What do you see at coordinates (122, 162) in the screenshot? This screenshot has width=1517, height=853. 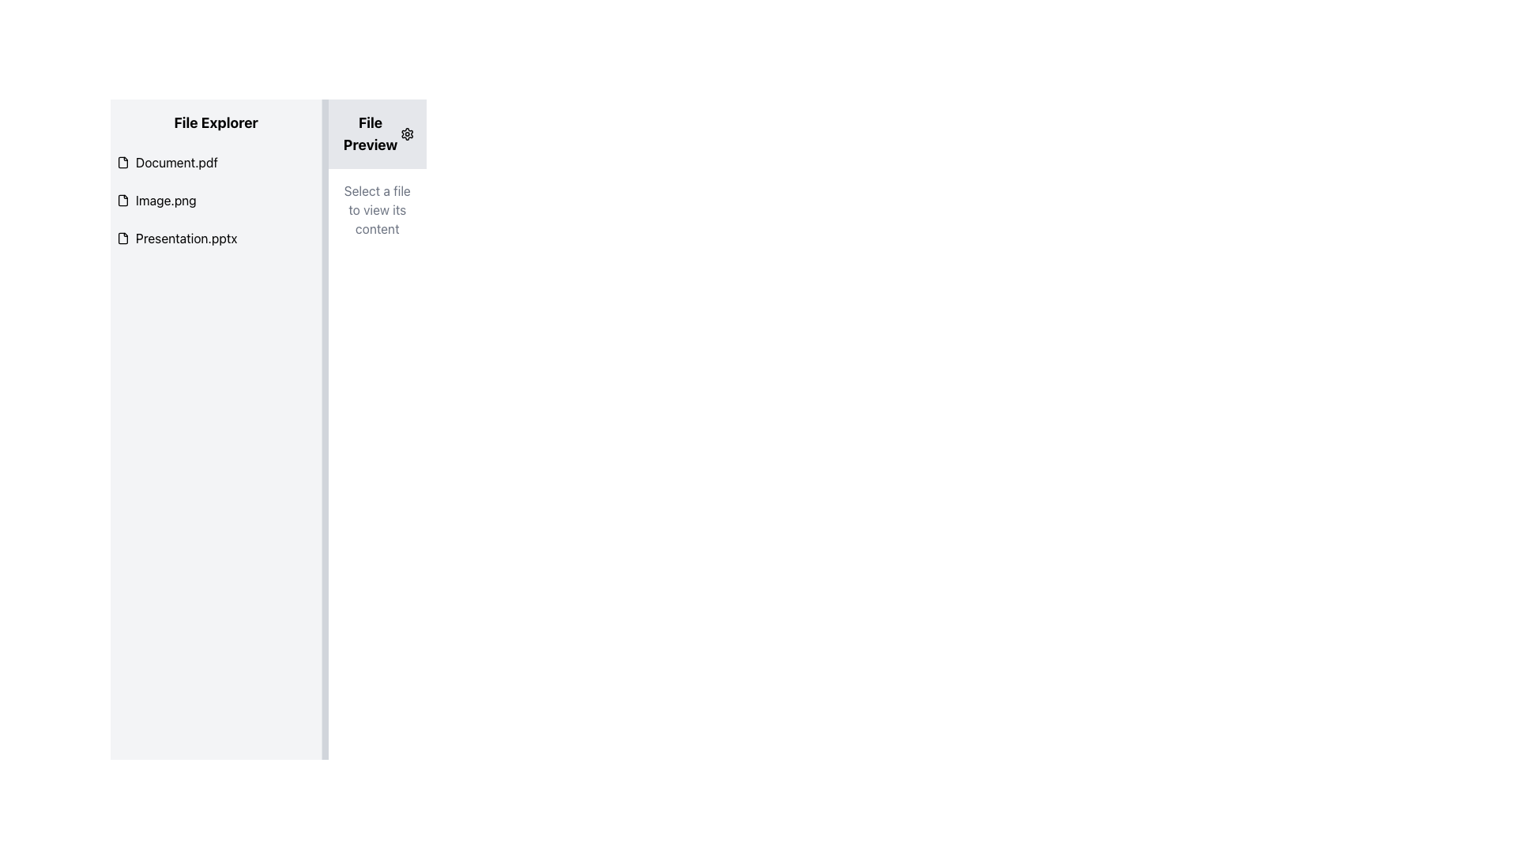 I see `the file icon for 'Document.pdf', located in the 'File Explorer' panel` at bounding box center [122, 162].